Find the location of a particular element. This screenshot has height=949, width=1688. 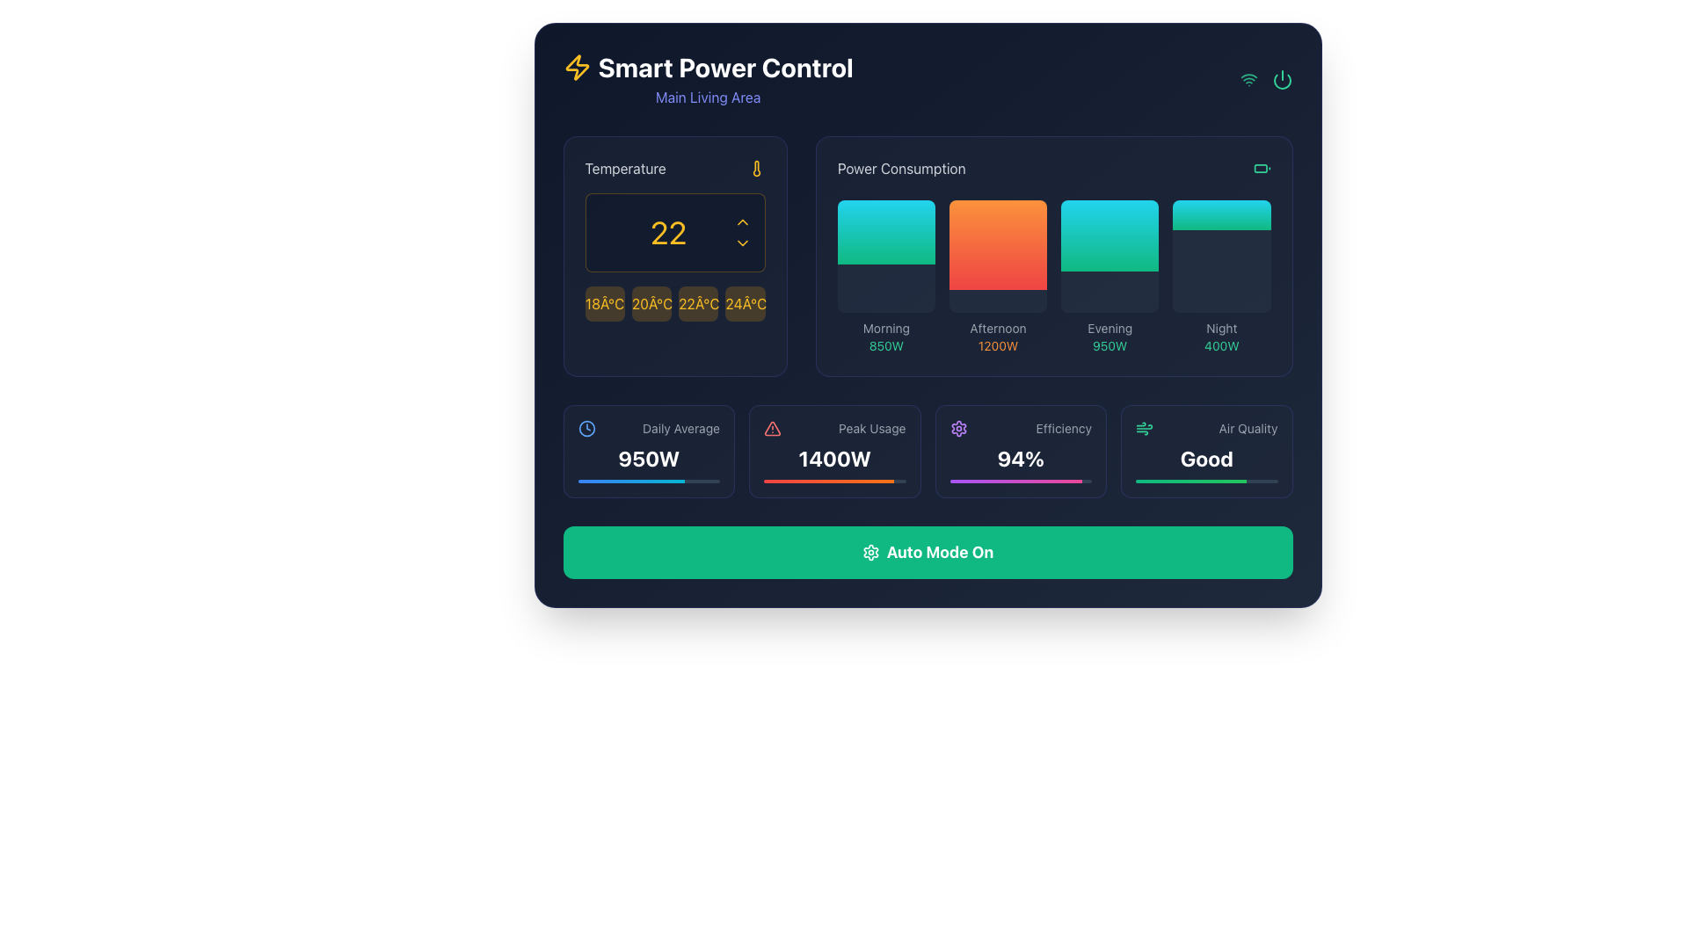

the stacked chevron-shaped icons (up and down arrows) in amber color located on the right side of the 'Temperature' section, aligned vertically with the number 22 is located at coordinates (742, 232).